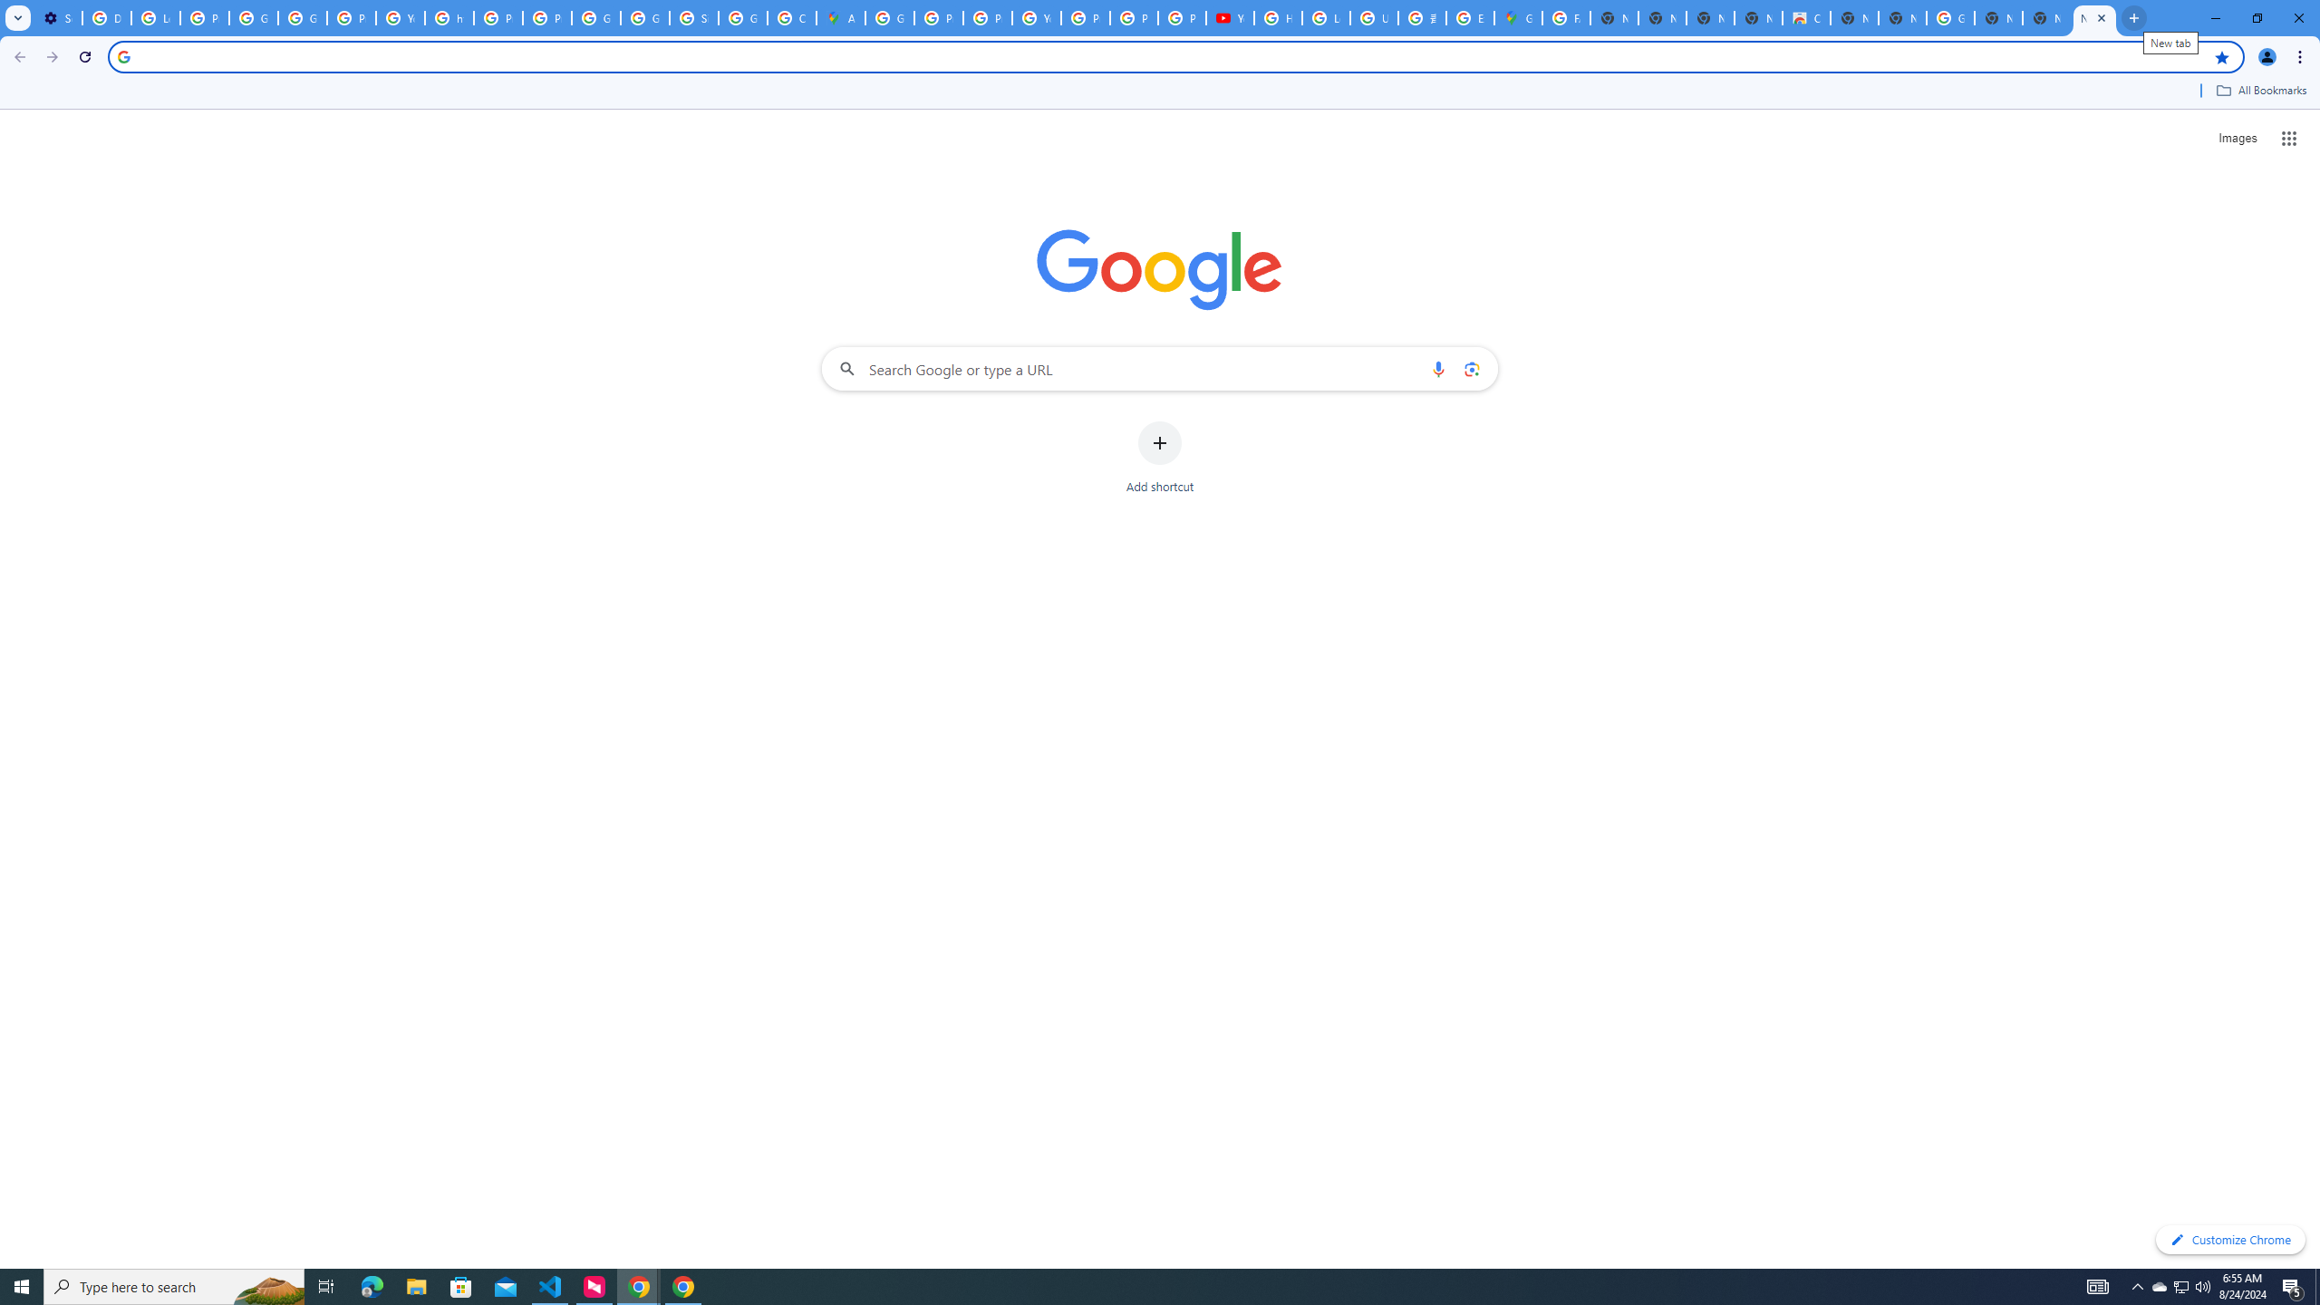 Image resolution: width=2320 pixels, height=1305 pixels. I want to click on 'Search tabs', so click(17, 17).